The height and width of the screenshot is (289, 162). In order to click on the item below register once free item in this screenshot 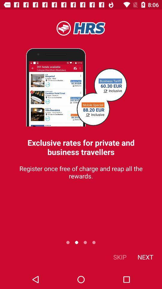, I will do `click(120, 256)`.